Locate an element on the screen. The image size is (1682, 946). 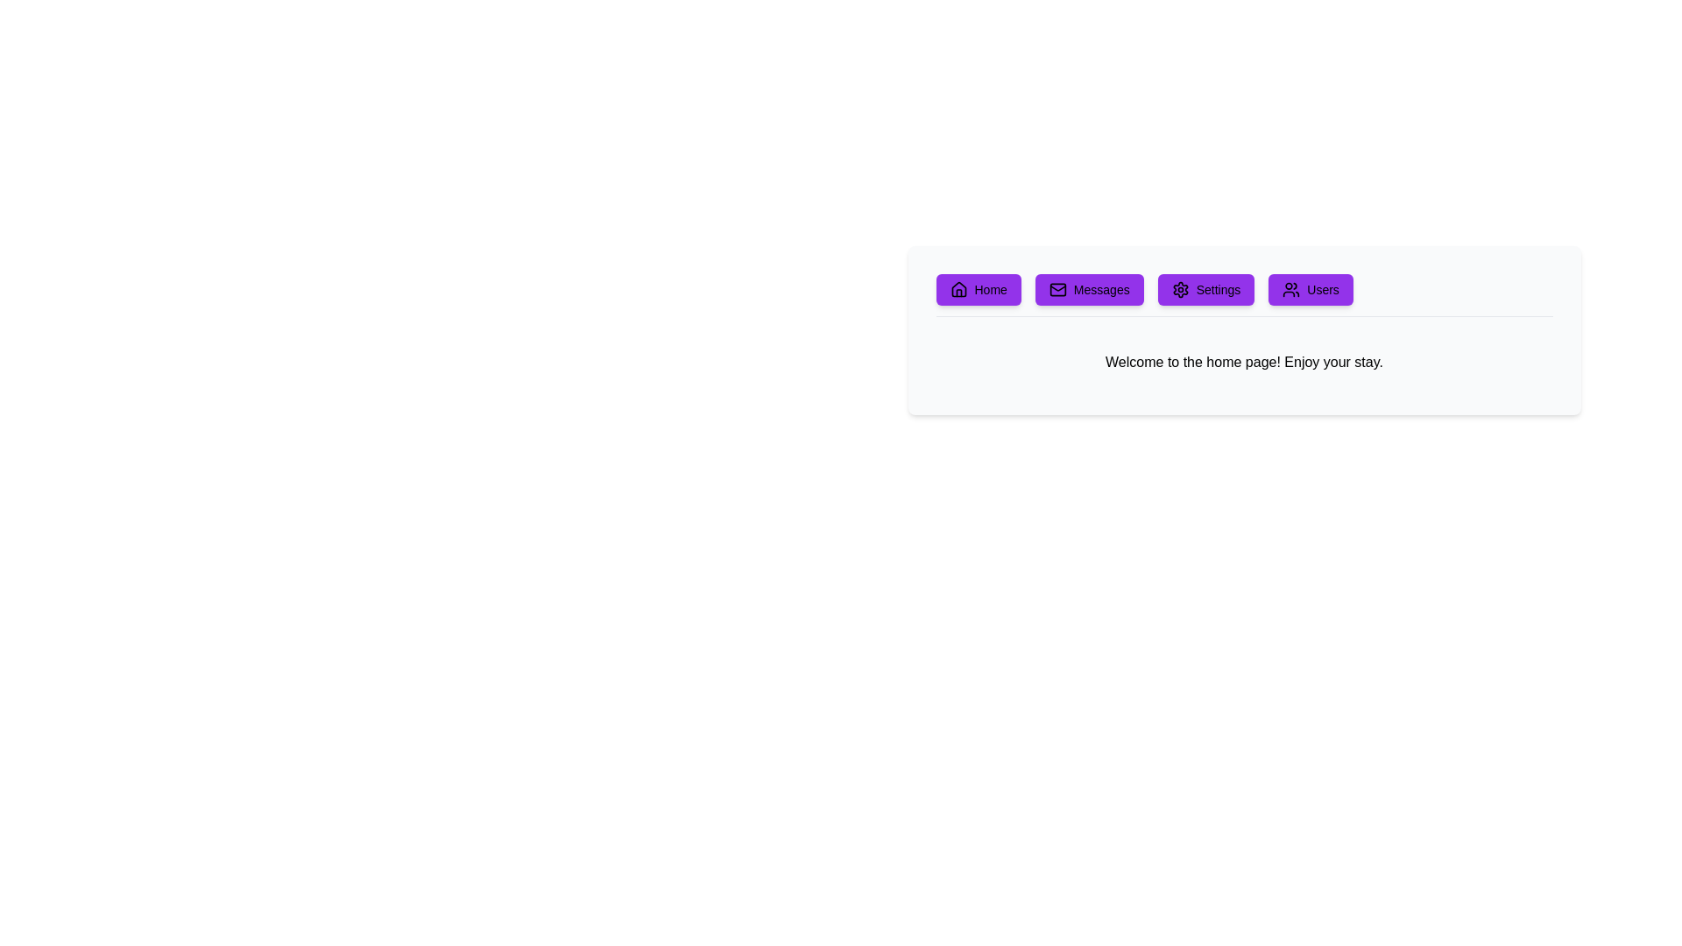
the 'Settings' button with a purple background and gear icon is located at coordinates (1205, 289).